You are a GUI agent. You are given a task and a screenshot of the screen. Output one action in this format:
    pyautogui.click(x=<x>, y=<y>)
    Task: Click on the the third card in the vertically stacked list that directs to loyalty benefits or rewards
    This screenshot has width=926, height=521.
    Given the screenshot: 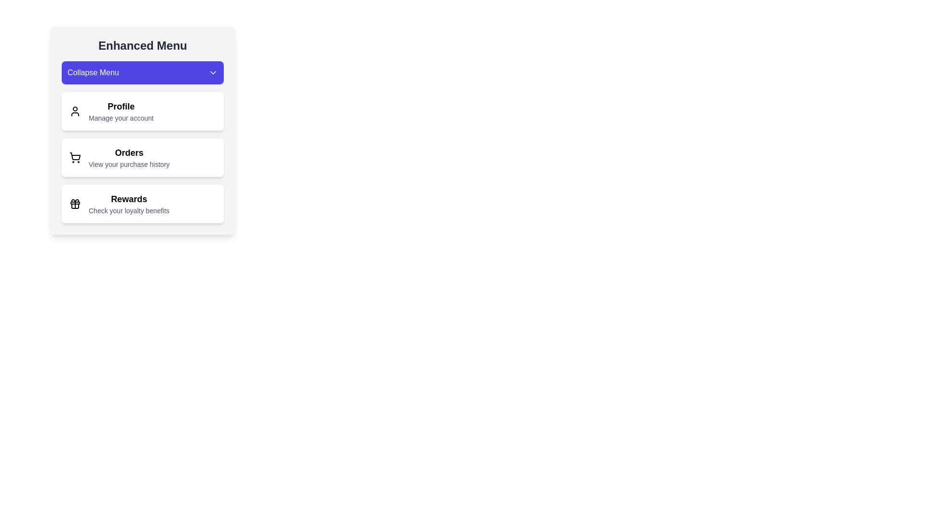 What is the action you would take?
    pyautogui.click(x=142, y=204)
    